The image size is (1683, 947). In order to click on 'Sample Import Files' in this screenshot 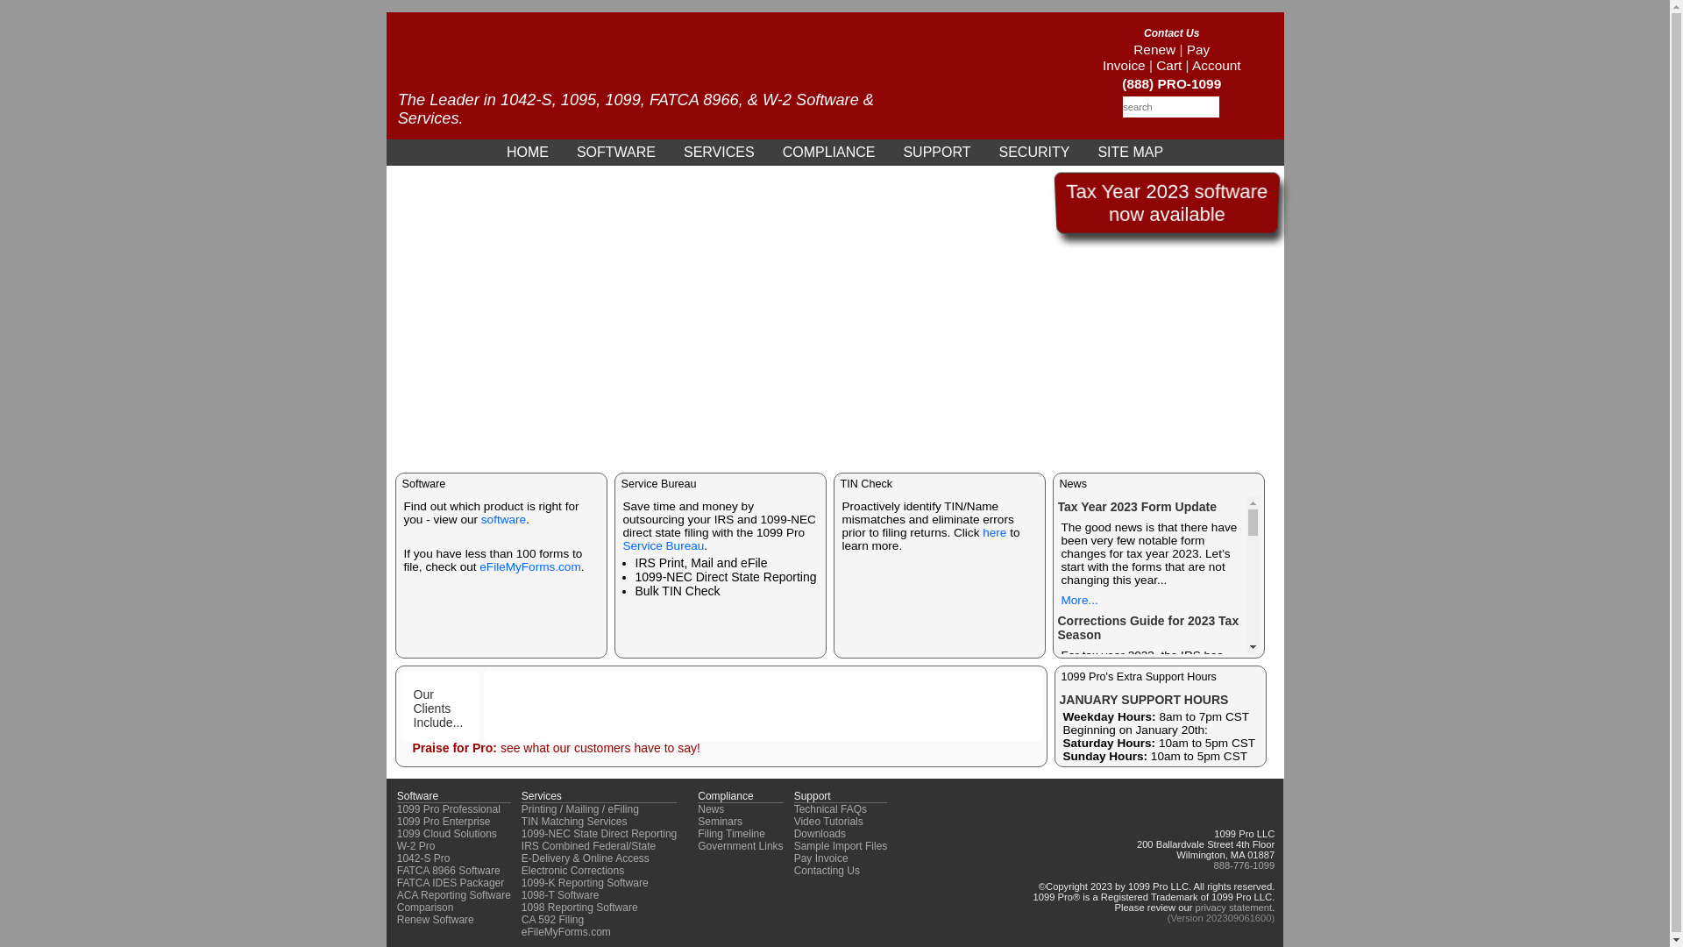, I will do `click(793, 844)`.